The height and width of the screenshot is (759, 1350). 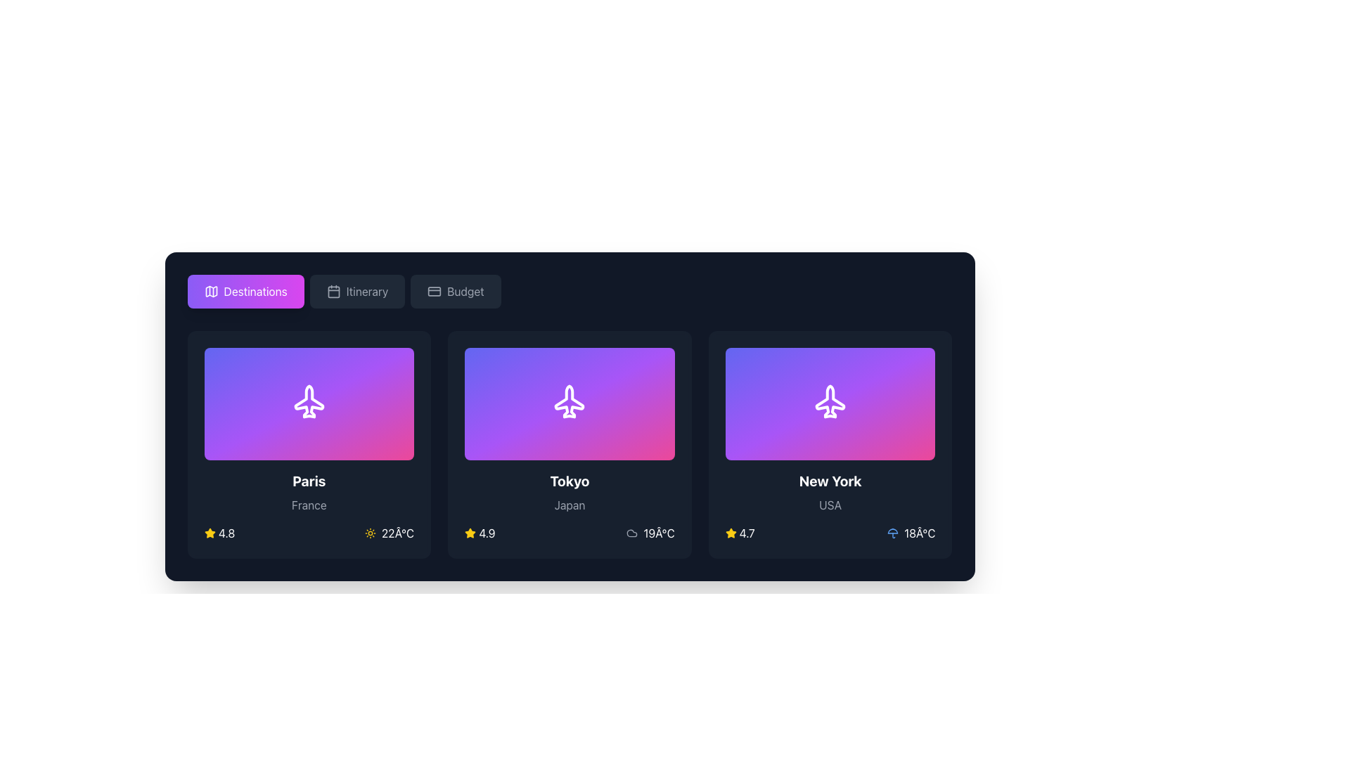 I want to click on the text label displaying 'New York' in bold white font, which is prominently positioned in the third card of a grid layout, so click(x=830, y=481).